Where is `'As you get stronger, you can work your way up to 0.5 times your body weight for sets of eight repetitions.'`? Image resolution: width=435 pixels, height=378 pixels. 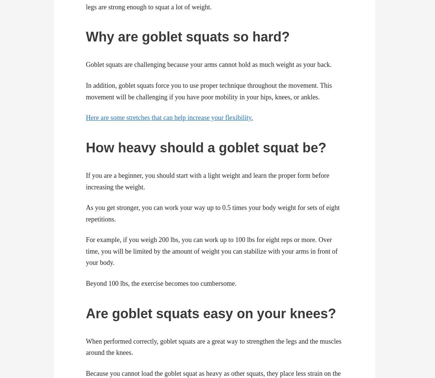
'As you get stronger, you can work your way up to 0.5 times your body weight for sets of eight repetitions.' is located at coordinates (86, 213).